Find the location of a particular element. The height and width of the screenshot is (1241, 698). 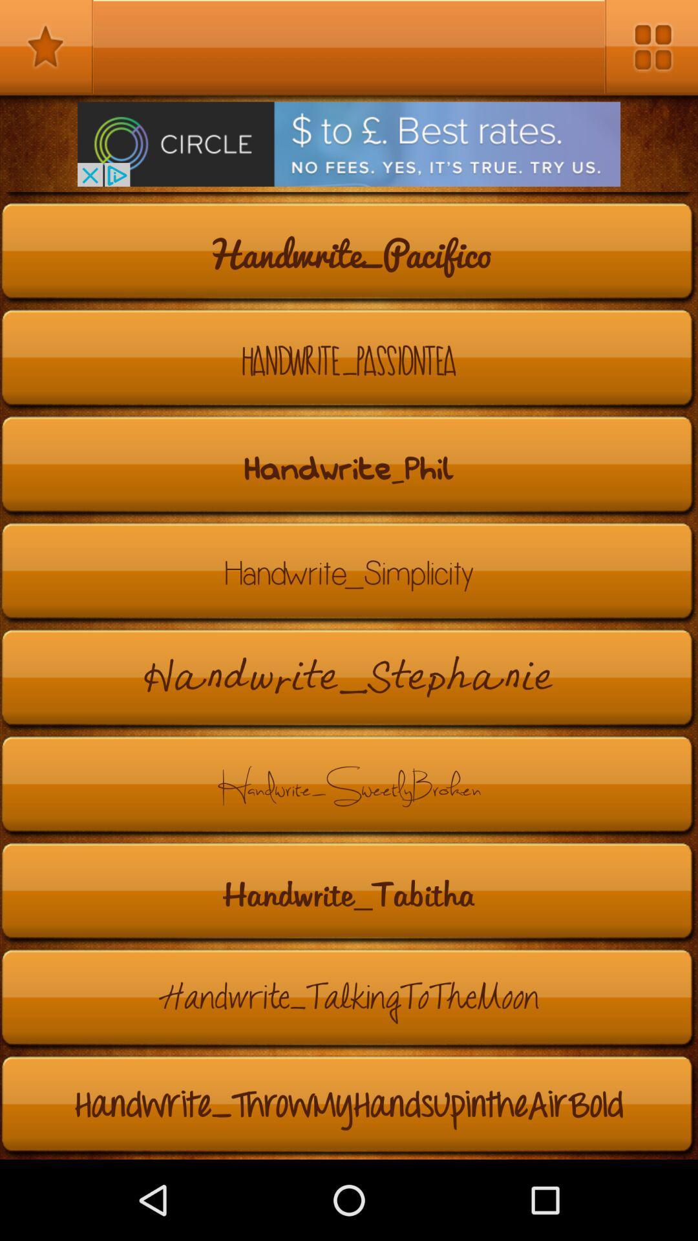

advertisement is located at coordinates (349, 144).